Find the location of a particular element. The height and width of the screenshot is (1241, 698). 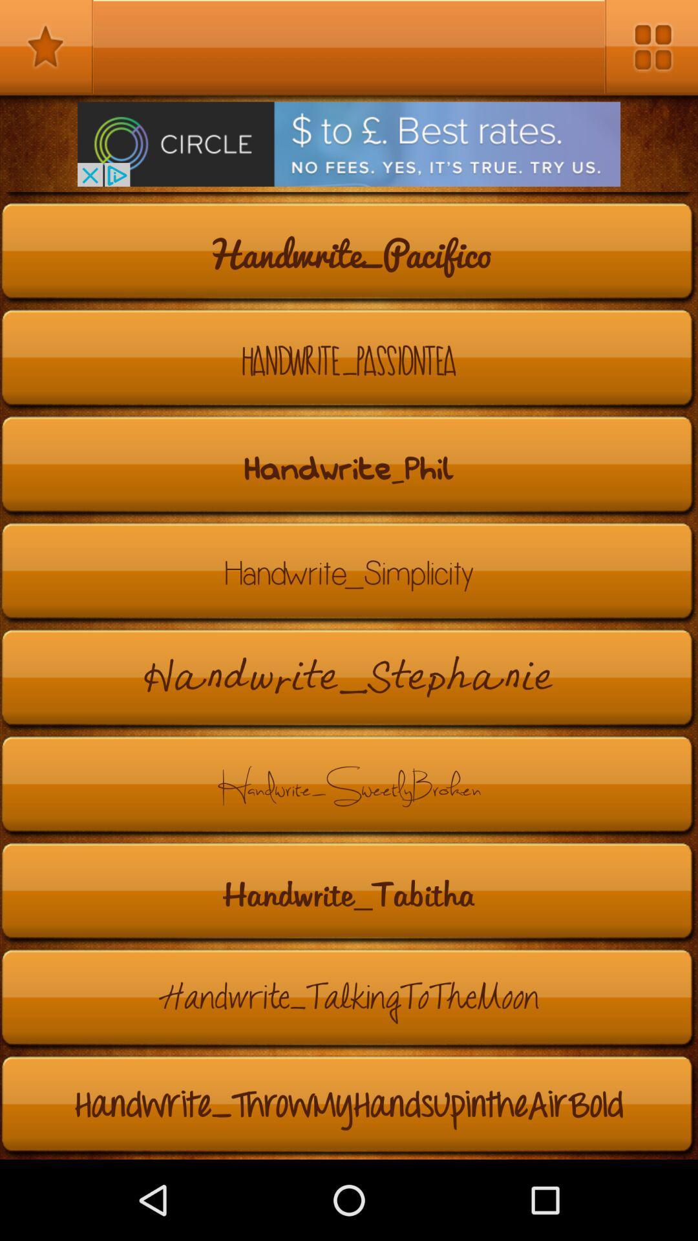

advertisement is located at coordinates (349, 144).